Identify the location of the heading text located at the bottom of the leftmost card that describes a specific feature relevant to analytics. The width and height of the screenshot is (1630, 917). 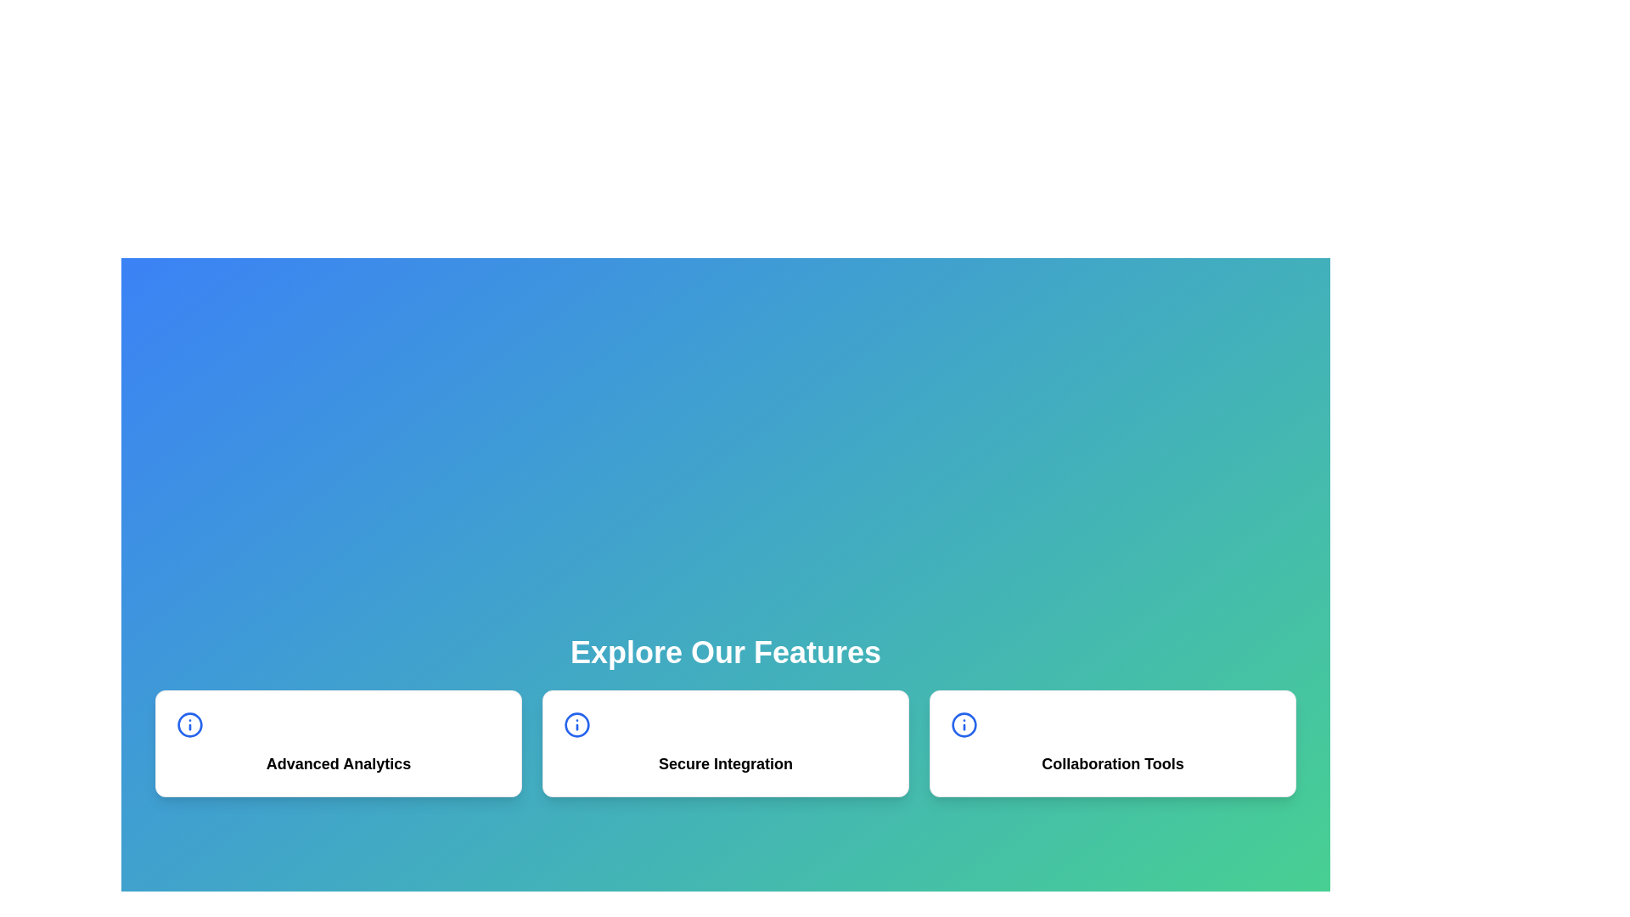
(338, 762).